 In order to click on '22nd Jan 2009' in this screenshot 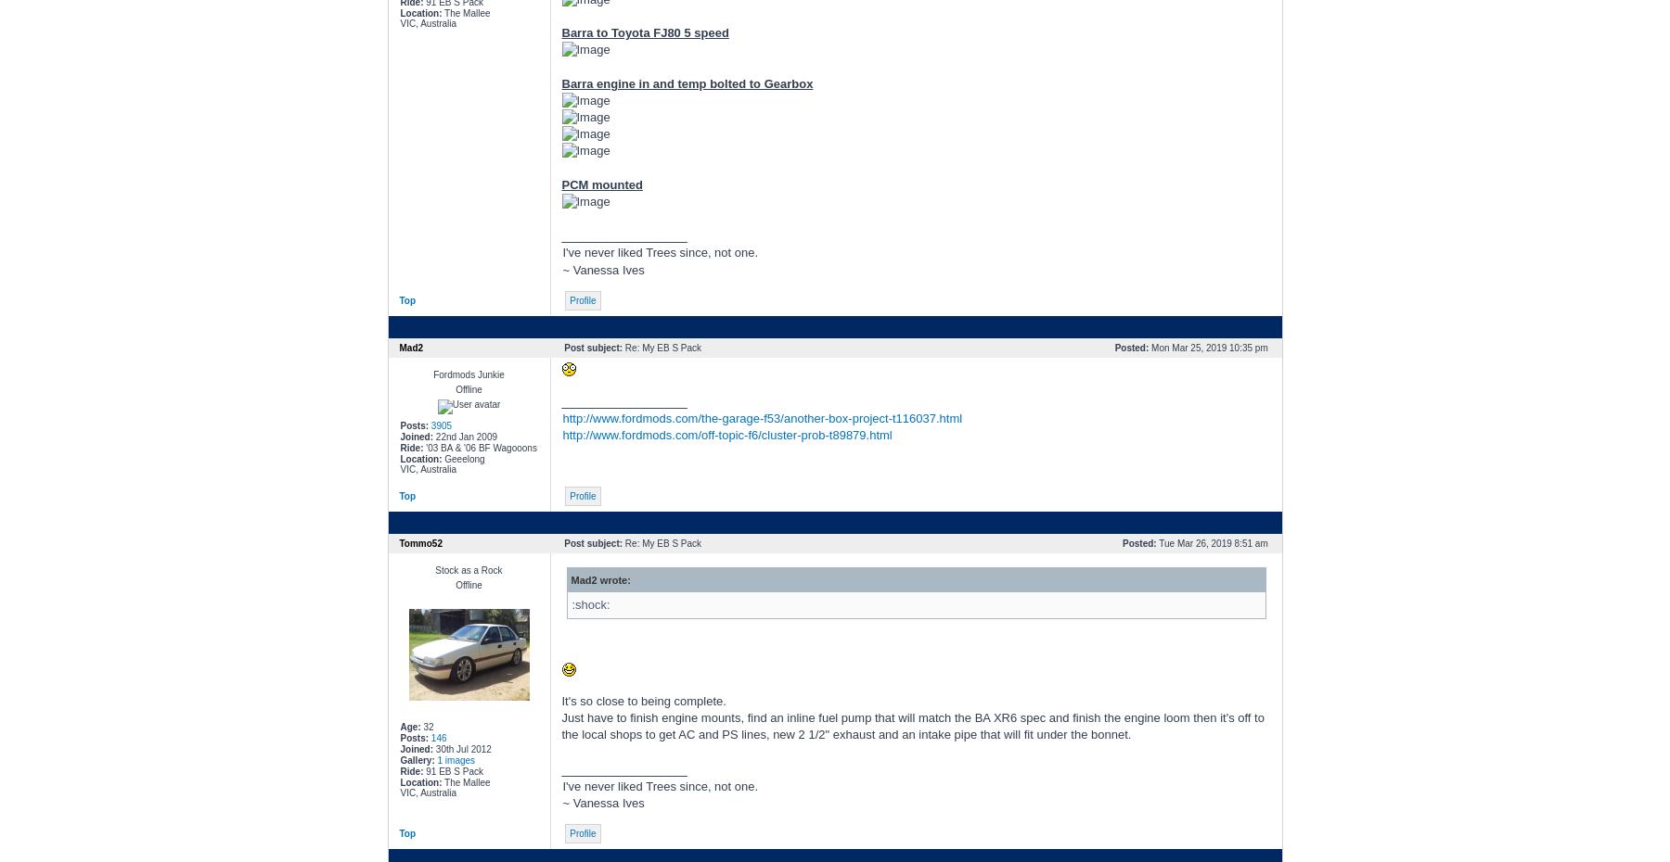, I will do `click(464, 435)`.